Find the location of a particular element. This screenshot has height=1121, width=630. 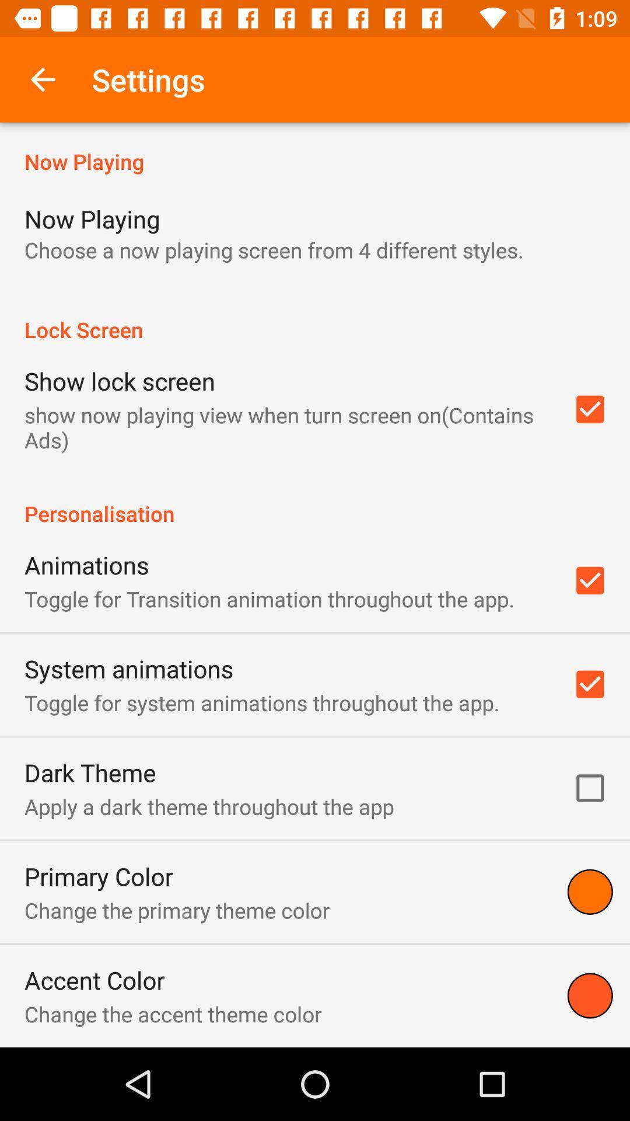

the item below the show now playing item is located at coordinates (315, 501).